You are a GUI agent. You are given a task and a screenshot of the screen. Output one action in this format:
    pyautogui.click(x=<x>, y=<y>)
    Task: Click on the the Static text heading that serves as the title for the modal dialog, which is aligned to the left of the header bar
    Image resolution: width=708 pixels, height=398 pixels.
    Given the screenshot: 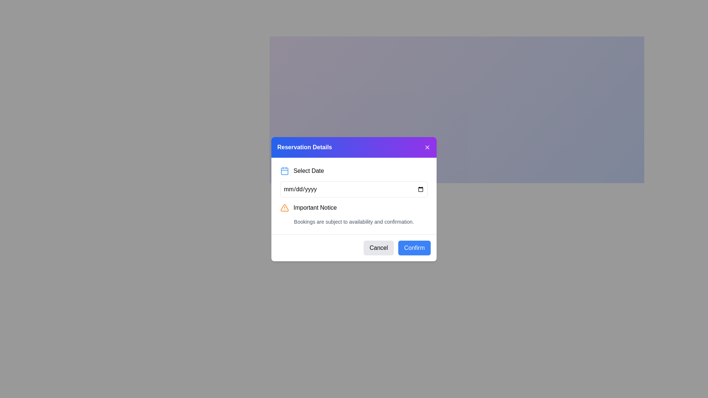 What is the action you would take?
    pyautogui.click(x=305, y=147)
    